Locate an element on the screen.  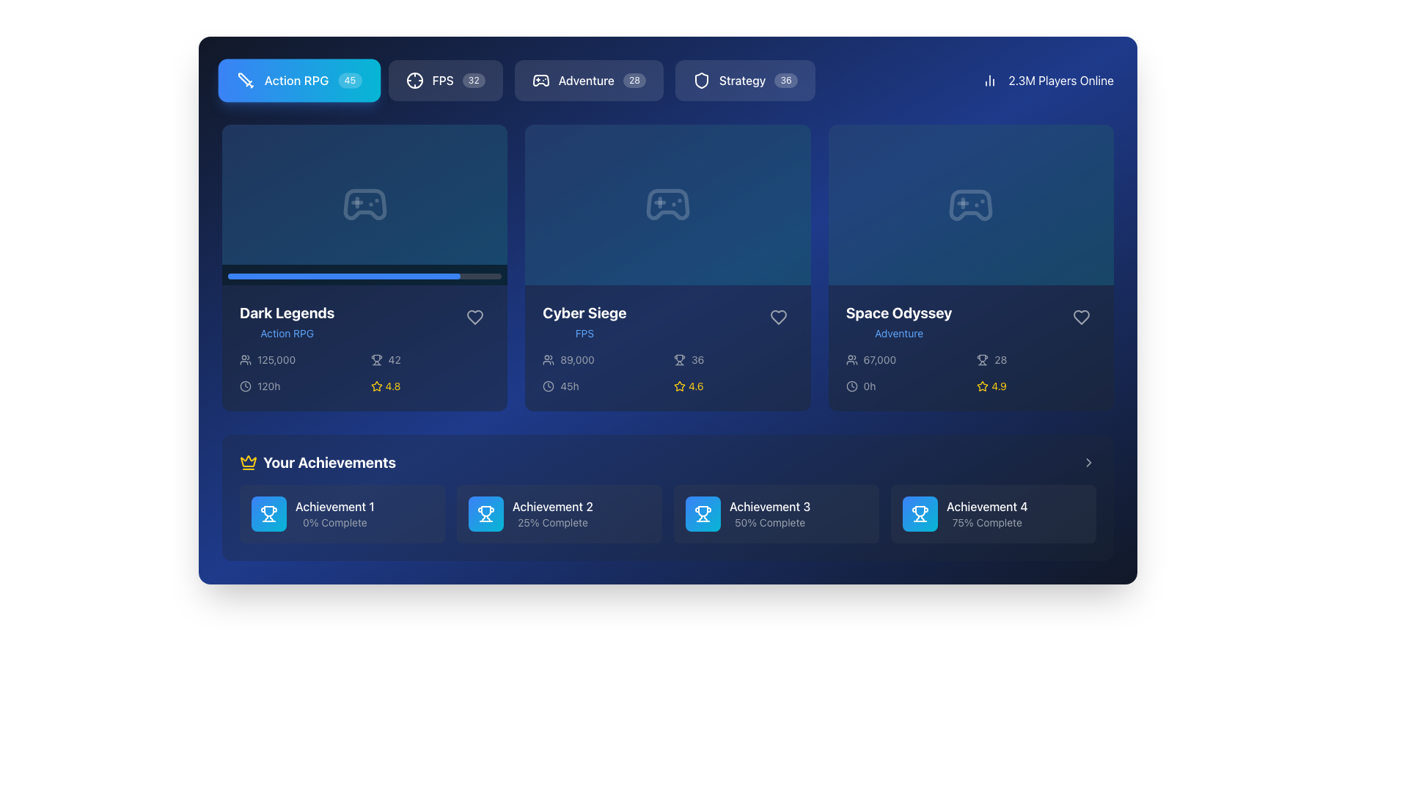
the heart-shaped icon located at the bottom right corner of the 'Space Odyssey' card to observe its response is located at coordinates (1081, 316).